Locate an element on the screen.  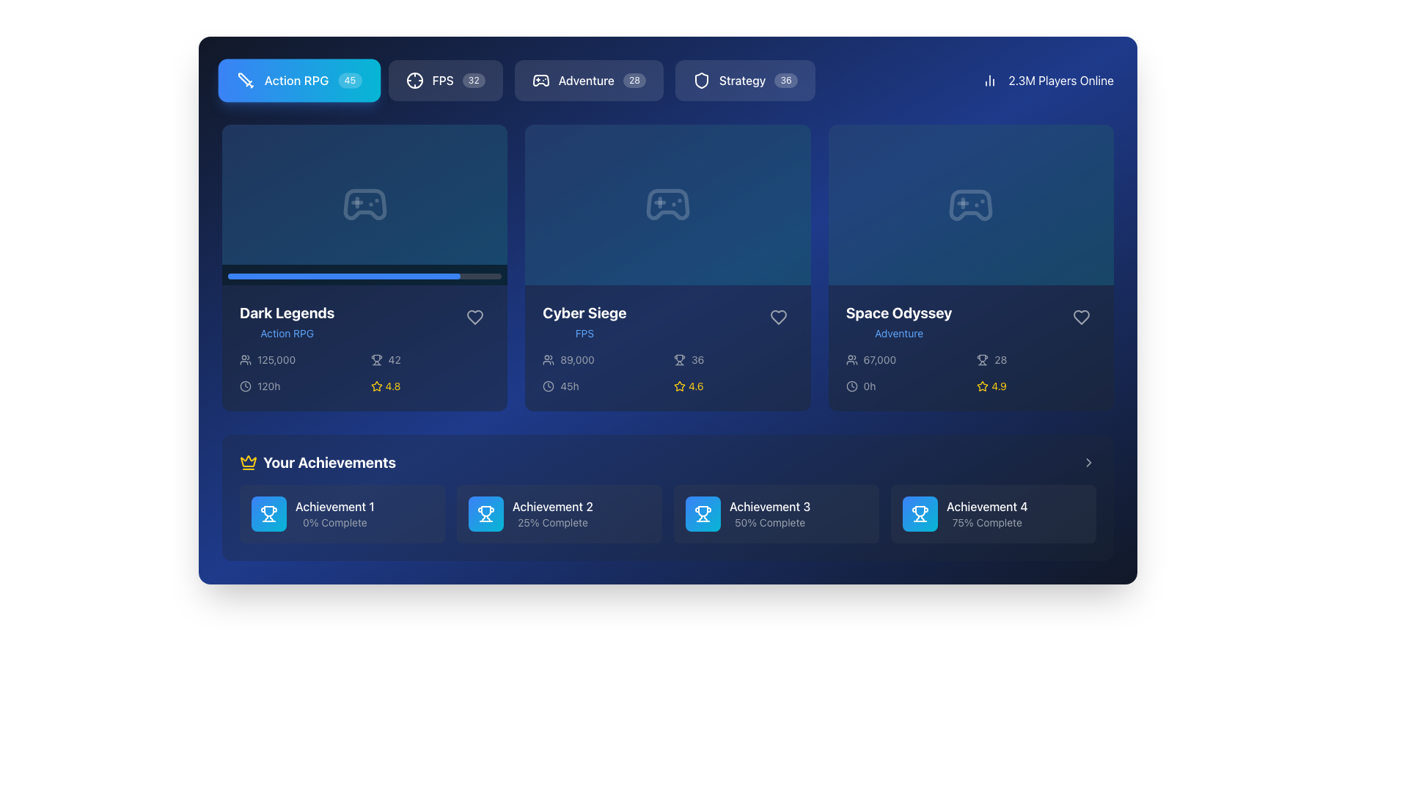
the heart-shaped icon located at the bottom right corner of the 'Space Odyssey' card to observe its response is located at coordinates (1081, 316).